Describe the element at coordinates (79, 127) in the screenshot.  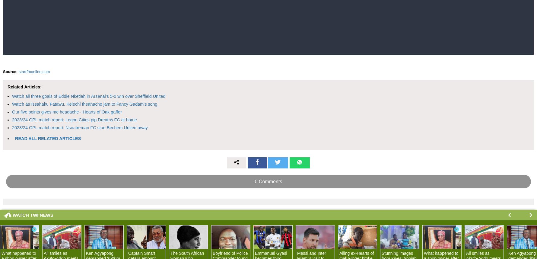
I see `'2023/24 GPL match report: Nsoatreman FC stun Bechem United away'` at that location.